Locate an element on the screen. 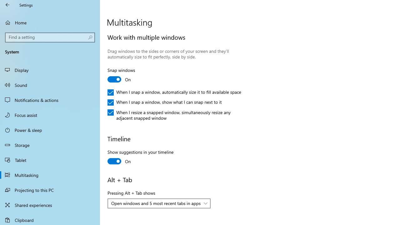  'Shared experiences' is located at coordinates (50, 205).